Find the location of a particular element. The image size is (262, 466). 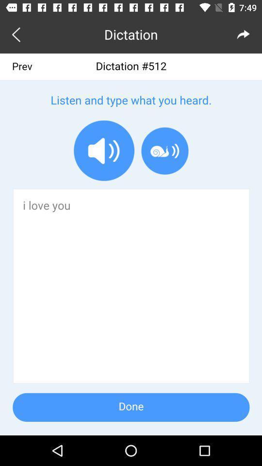

go forward/next is located at coordinates (243, 34).